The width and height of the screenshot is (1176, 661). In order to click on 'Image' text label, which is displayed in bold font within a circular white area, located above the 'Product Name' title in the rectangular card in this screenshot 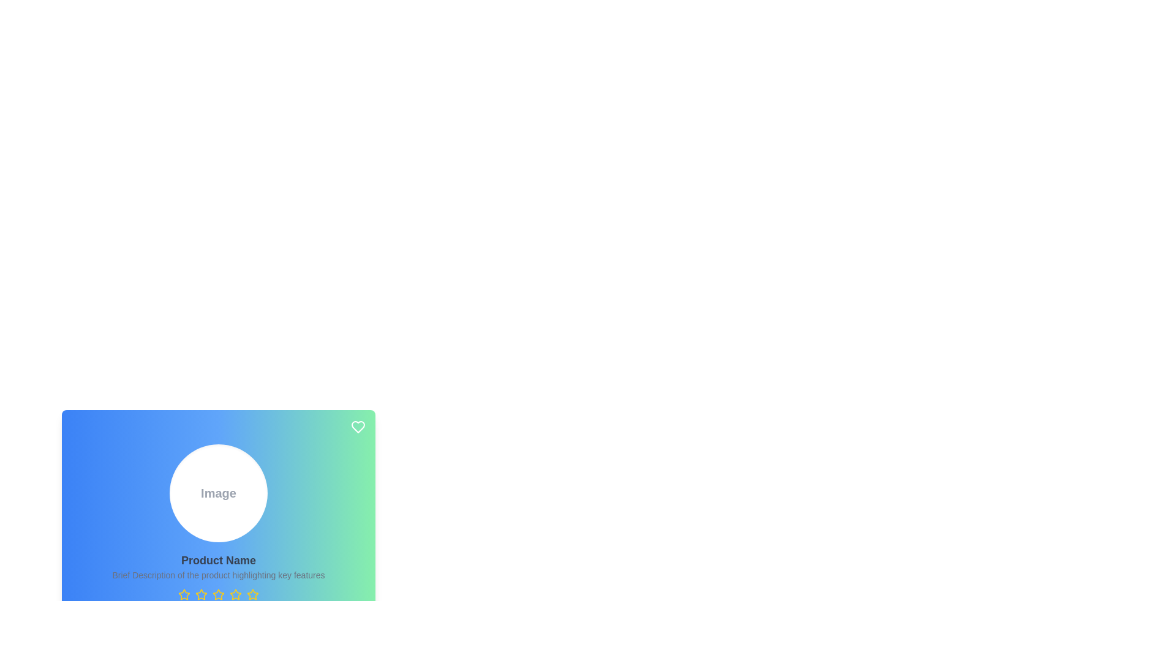, I will do `click(218, 493)`.